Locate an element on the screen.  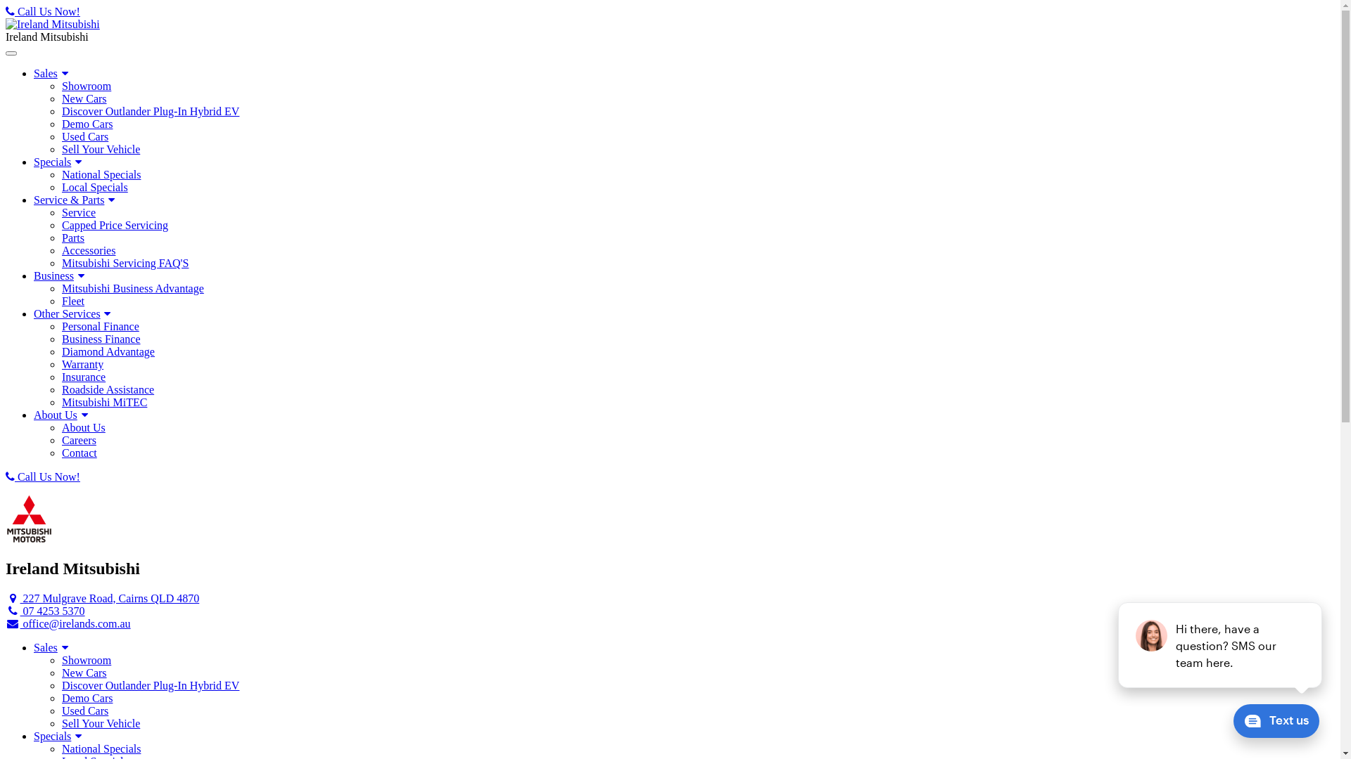
'Service' is located at coordinates (61, 213).